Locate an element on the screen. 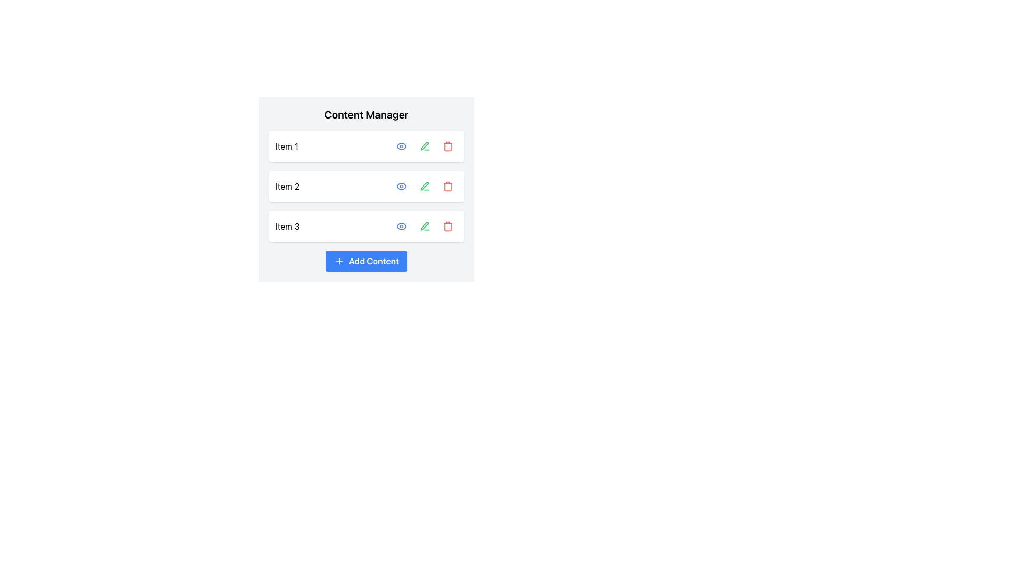 This screenshot has height=569, width=1012. the green pencil icon button associated with 'Item 3' in the 'Content Manager' is located at coordinates (424, 225).